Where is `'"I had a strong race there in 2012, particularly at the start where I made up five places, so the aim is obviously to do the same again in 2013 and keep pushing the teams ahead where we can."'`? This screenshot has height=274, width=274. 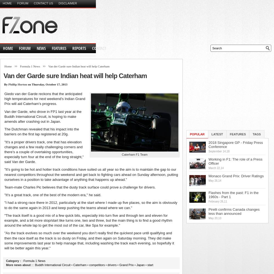
'"I had a strong race there in 2012, particularly at the start where I made up five places, so the aim is obviously to do the same again in 2013 and keep pushing the teams ahead where we can."' is located at coordinates (90, 205).